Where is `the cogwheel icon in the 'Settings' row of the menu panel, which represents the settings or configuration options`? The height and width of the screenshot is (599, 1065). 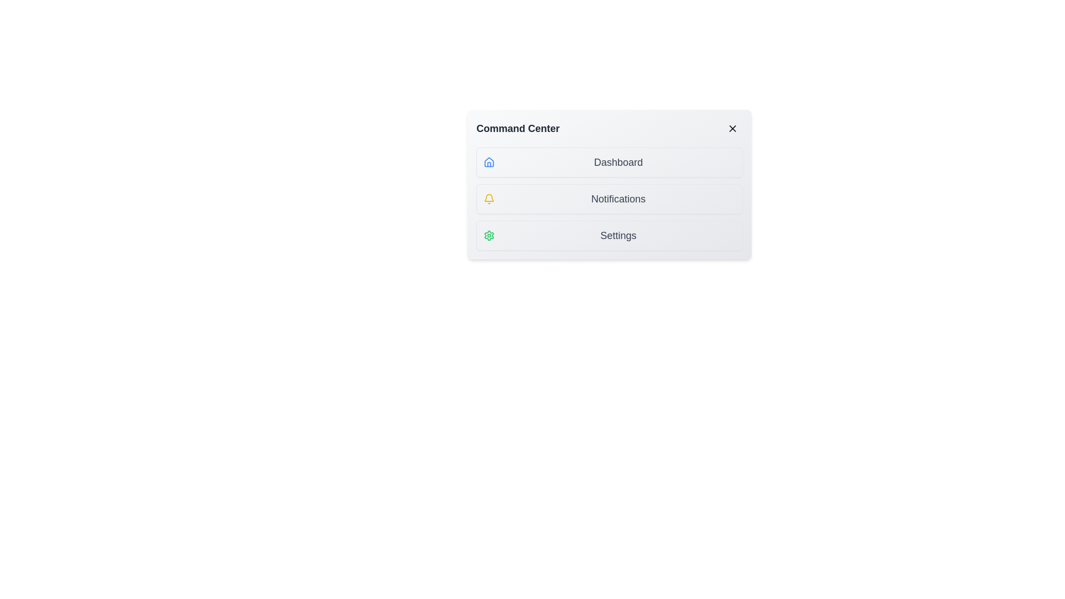 the cogwheel icon in the 'Settings' row of the menu panel, which represents the settings or configuration options is located at coordinates (489, 235).